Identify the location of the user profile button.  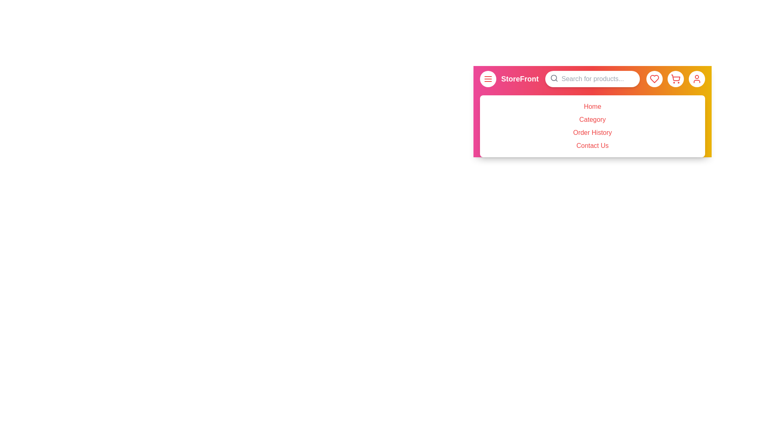
(696, 79).